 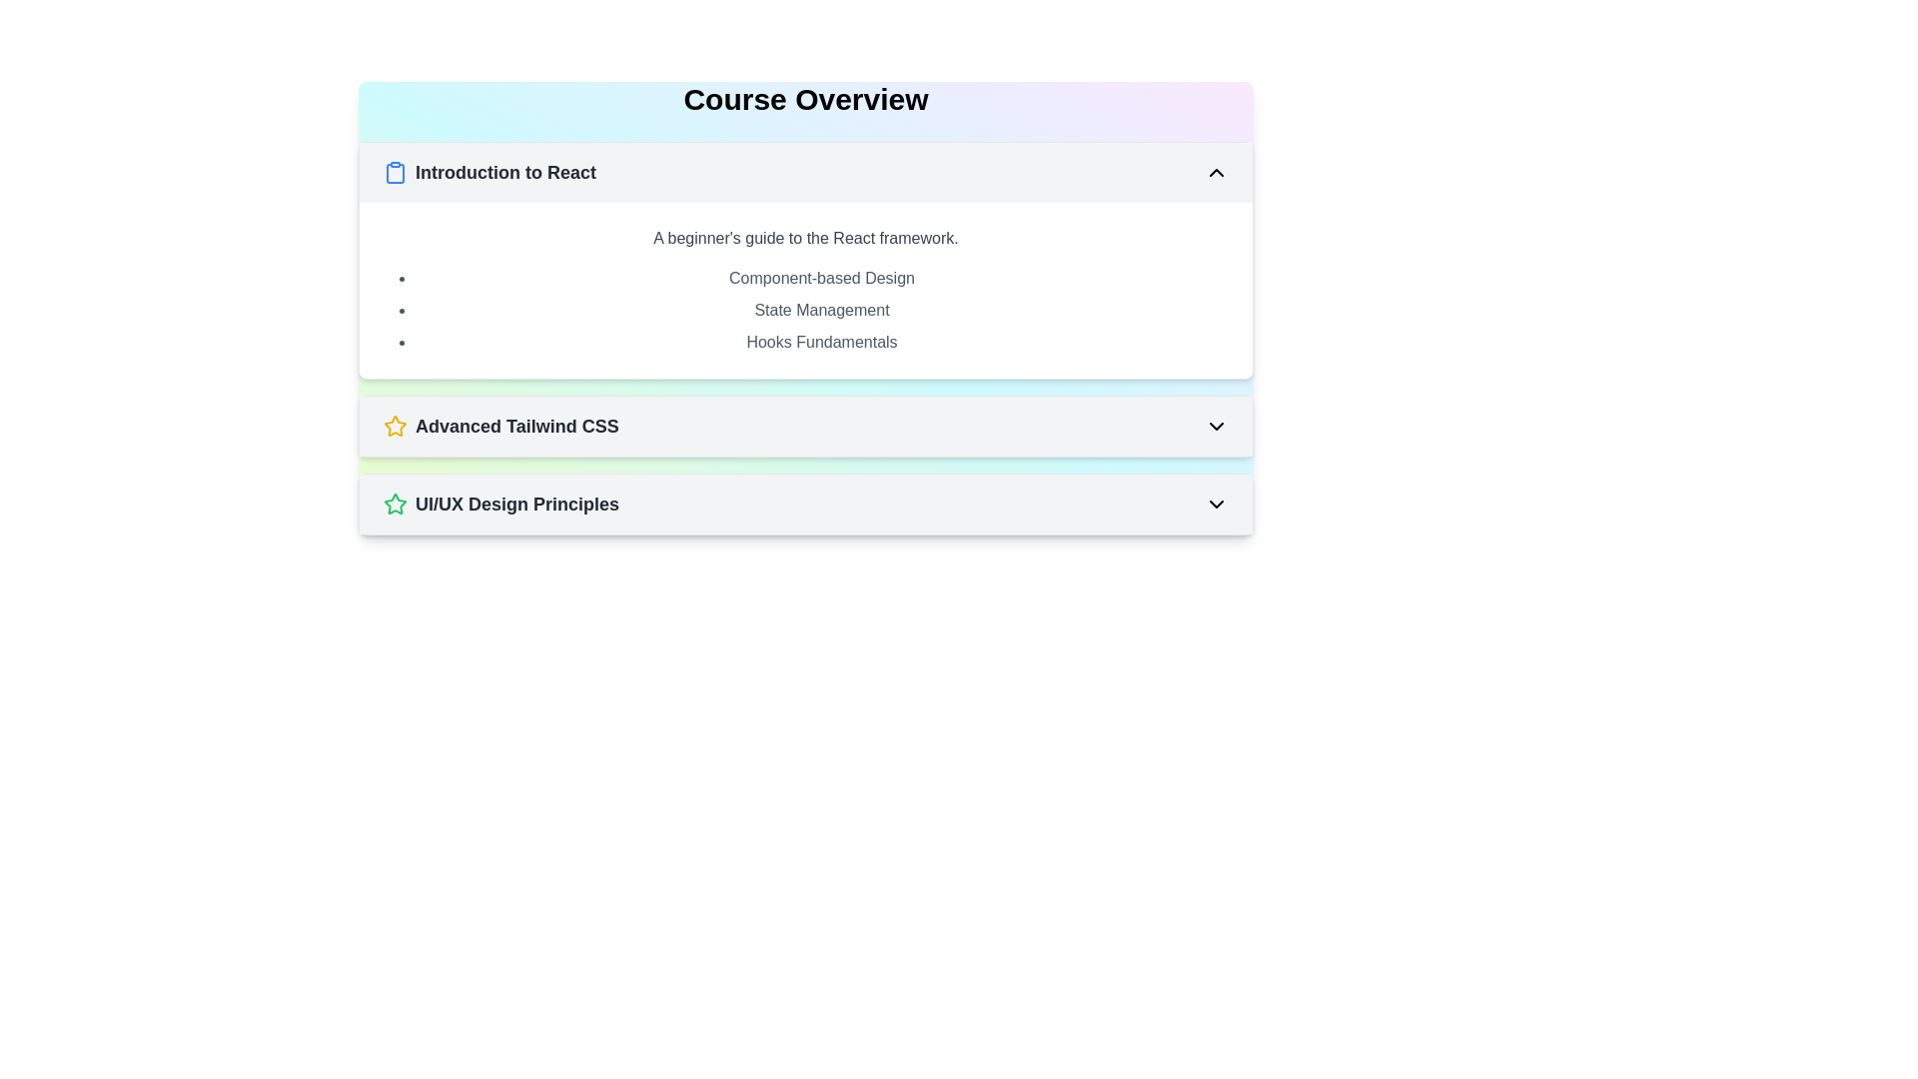 I want to click on course title displayed as a heading for the second module titled 'Advanced Tailwind CSS' in the 'Course Overview' section, located in the light gray bar, so click(x=500, y=426).